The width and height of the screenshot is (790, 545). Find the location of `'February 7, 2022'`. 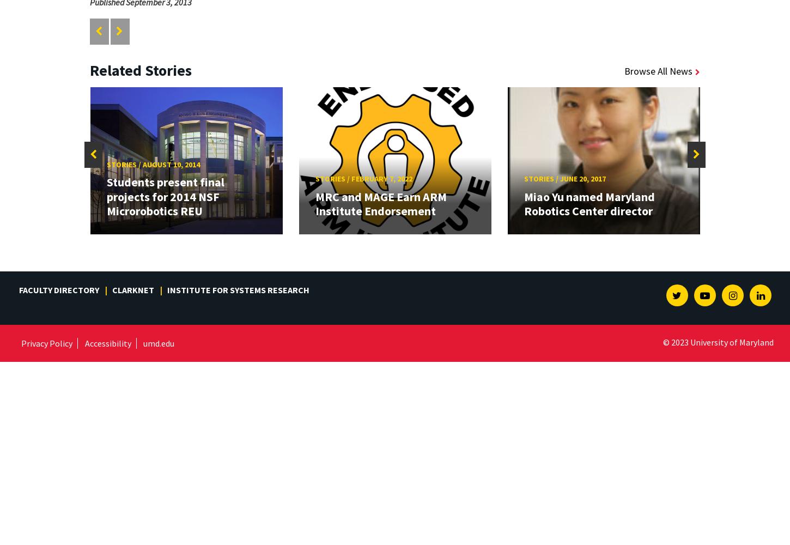

'February 7, 2022' is located at coordinates (381, 178).